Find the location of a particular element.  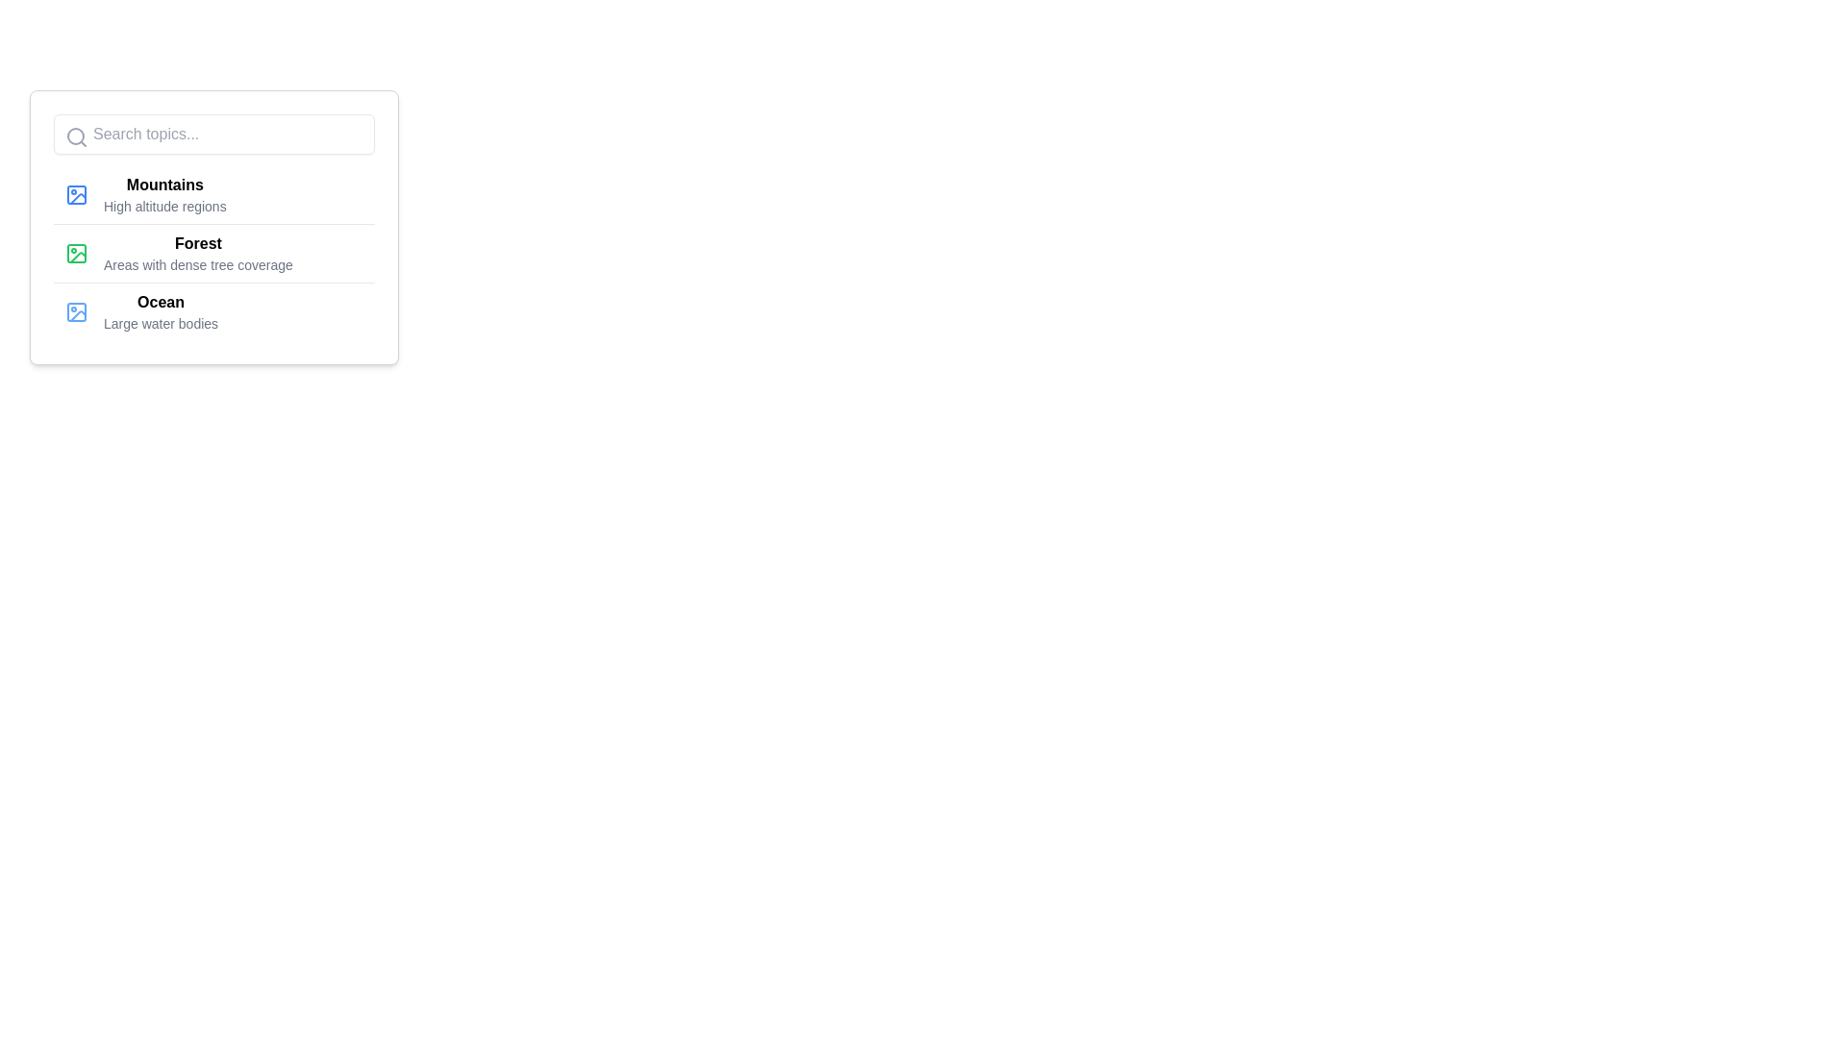

the blue picture frame icon (SVG graphic) located at the beginning of the 'Ocean' section, immediately to the left of the text label 'Ocean' is located at coordinates (77, 310).